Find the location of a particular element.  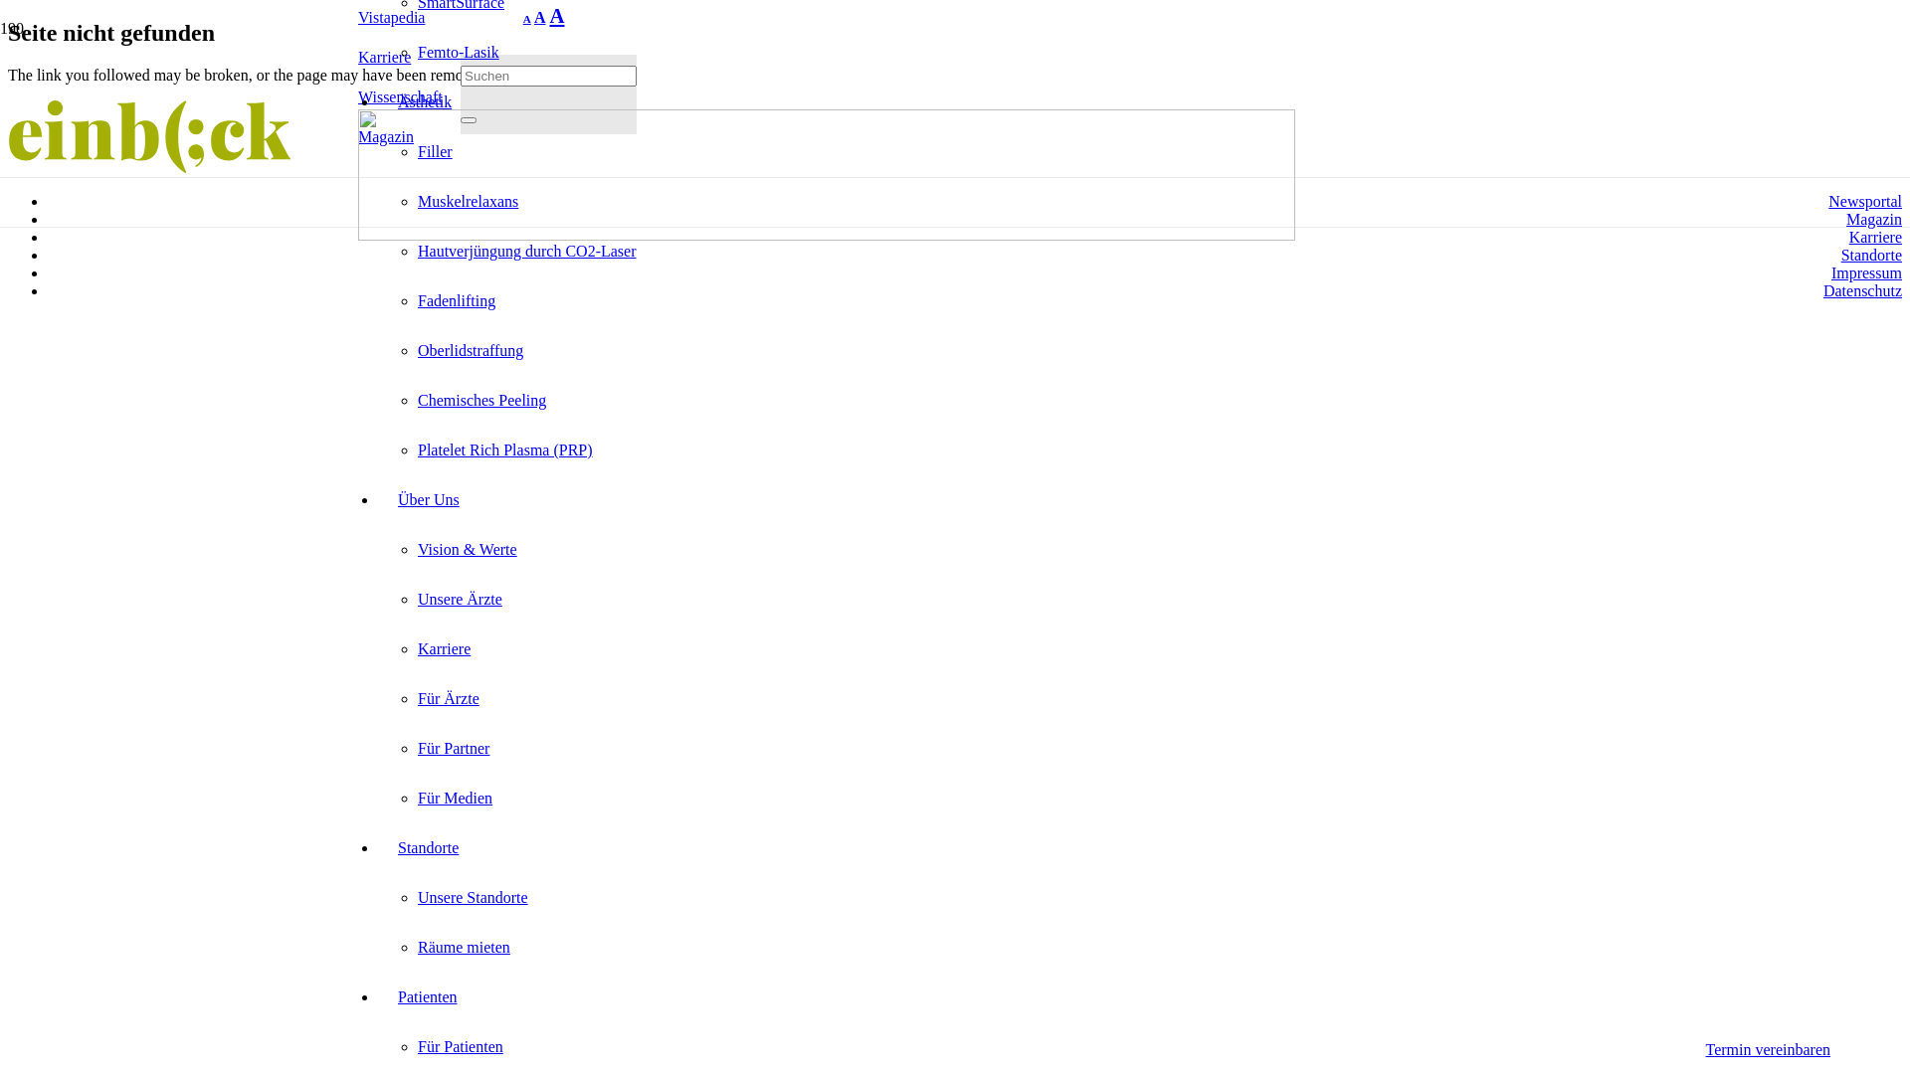

'Filler' is located at coordinates (434, 150).